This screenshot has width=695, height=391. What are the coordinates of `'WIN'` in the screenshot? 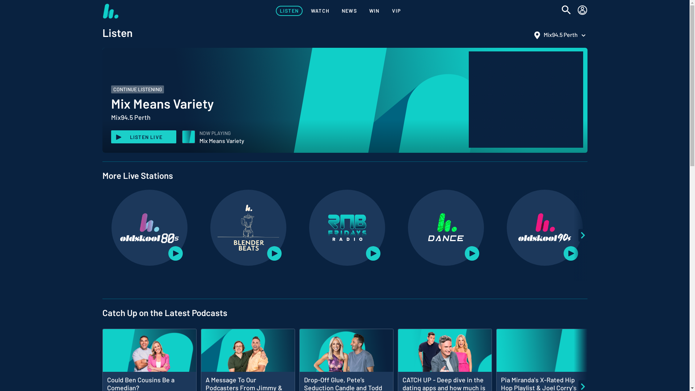 It's located at (374, 11).